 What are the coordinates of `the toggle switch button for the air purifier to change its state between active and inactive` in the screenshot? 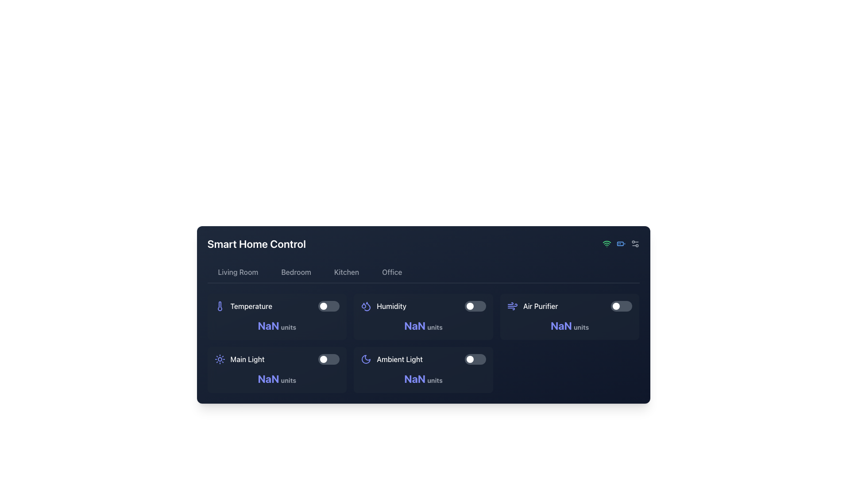 It's located at (616, 305).